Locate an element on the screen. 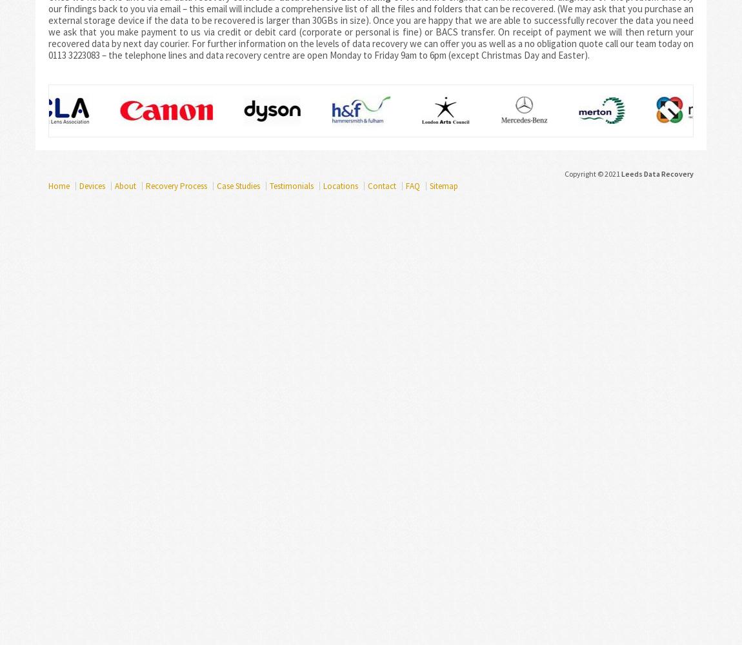 The image size is (742, 645). 'Case Studies' is located at coordinates (238, 186).